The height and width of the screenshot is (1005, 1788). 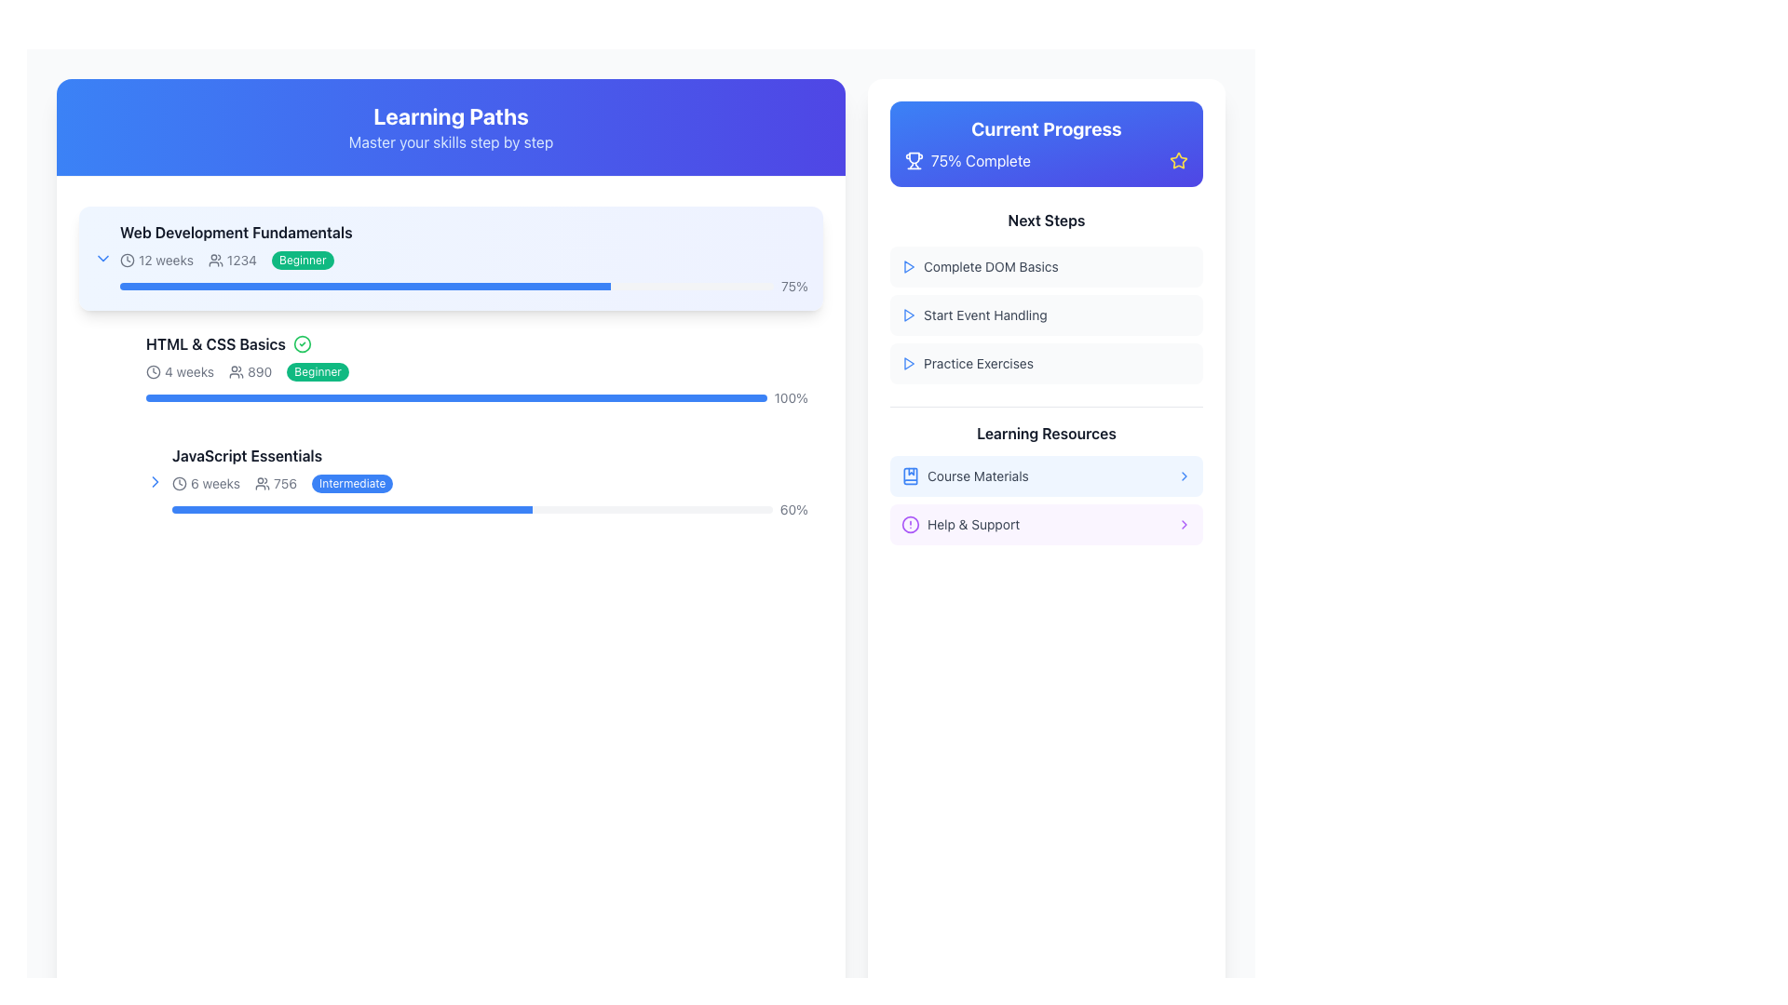 I want to click on the horizontal progress bar indicating '100%' completion within the 'HTML & CSS Basics' course module, so click(x=477, y=397).